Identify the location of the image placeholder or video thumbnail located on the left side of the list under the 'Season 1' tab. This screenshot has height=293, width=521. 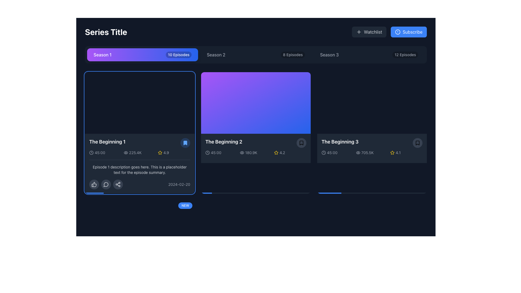
(139, 103).